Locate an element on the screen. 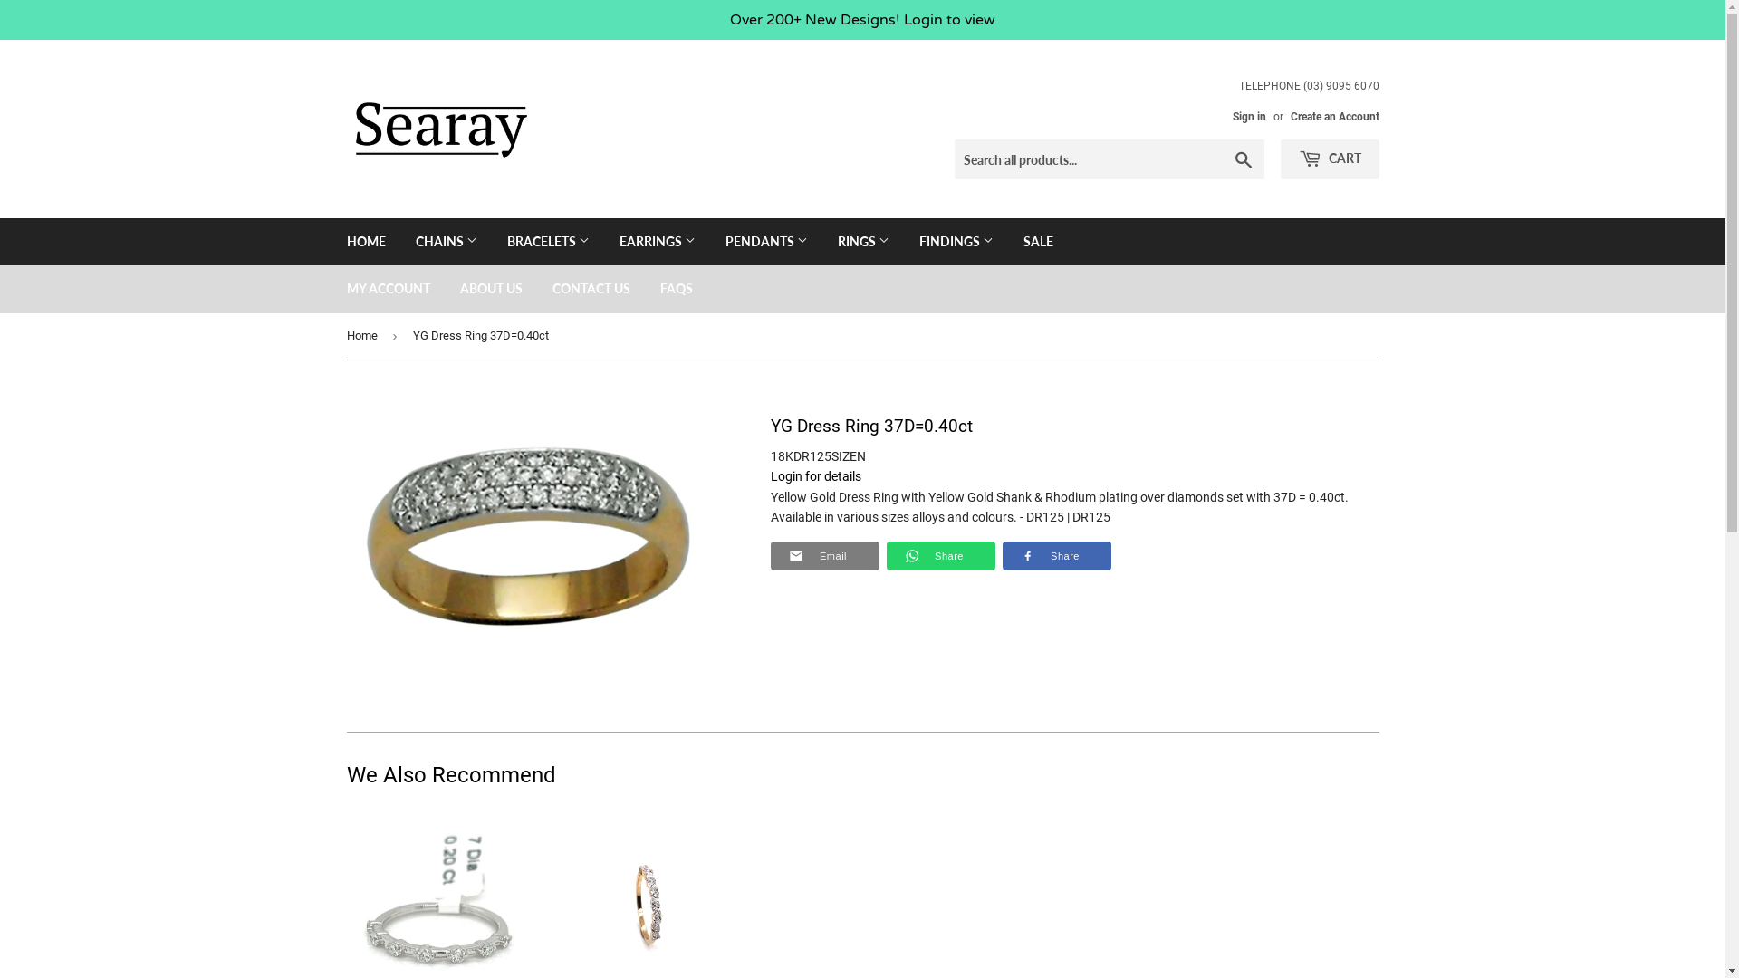 The height and width of the screenshot is (978, 1739). 'FINDINGS' is located at coordinates (956, 240).